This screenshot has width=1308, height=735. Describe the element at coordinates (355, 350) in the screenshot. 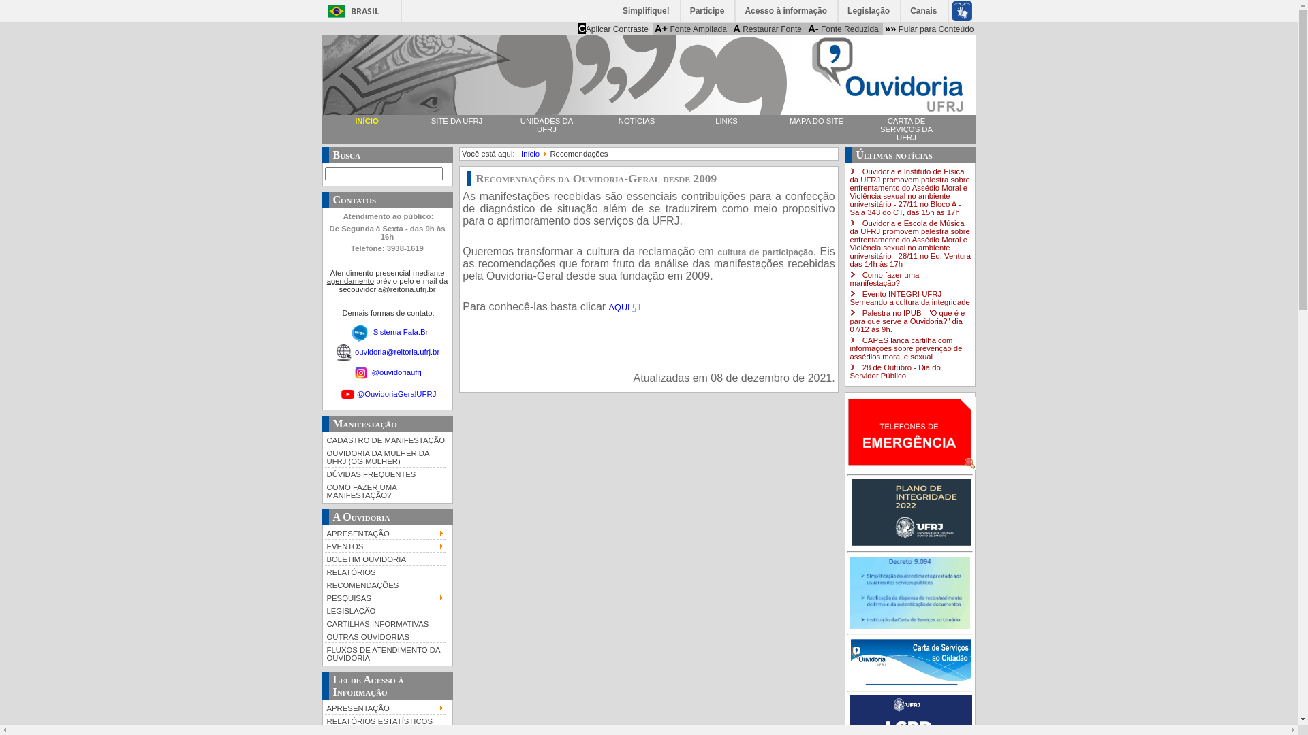

I see `'ouvidoria@reitoria.ufrj.br'` at that location.